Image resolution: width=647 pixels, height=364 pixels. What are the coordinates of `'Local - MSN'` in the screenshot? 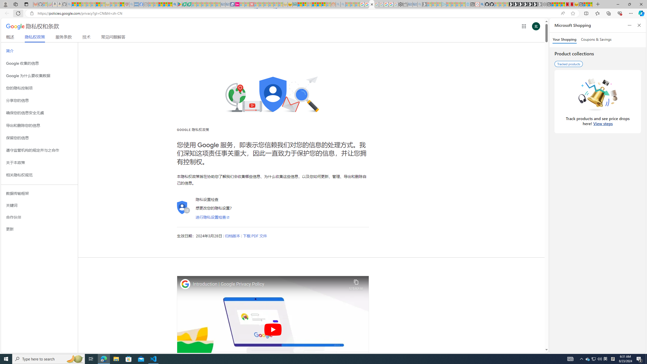 It's located at (122, 4).